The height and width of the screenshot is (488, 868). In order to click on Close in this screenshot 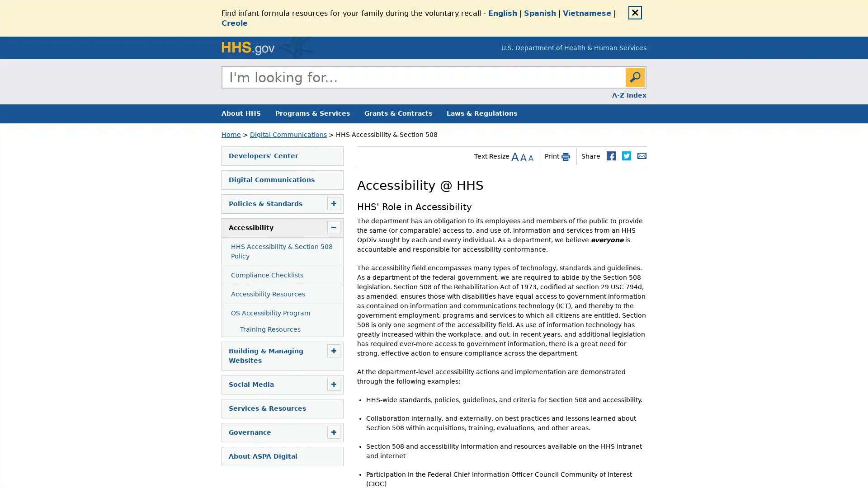, I will do `click(635, 12)`.